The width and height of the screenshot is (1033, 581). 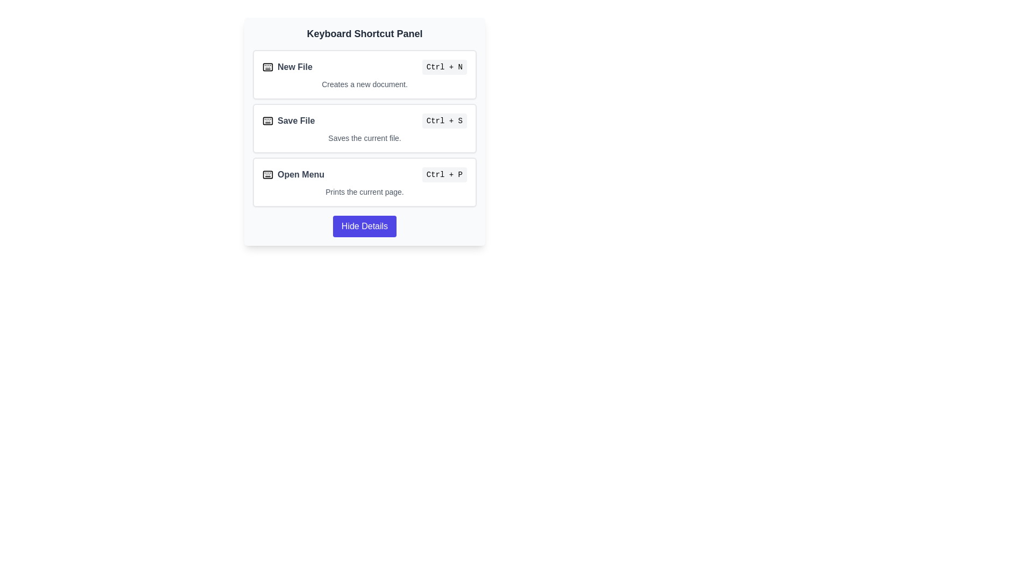 What do you see at coordinates (268, 121) in the screenshot?
I see `the keyboard icon with class 'lucide-keyboard' located next to the 'Save File' text` at bounding box center [268, 121].